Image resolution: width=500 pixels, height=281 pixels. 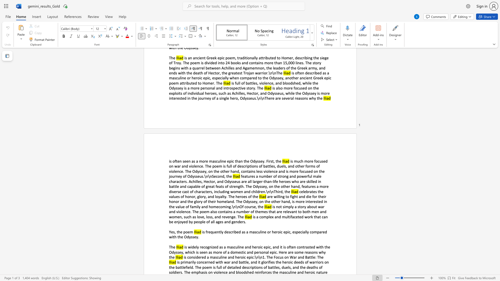 What do you see at coordinates (308, 191) in the screenshot?
I see `the subset text "rates the values of honor, glory, and loy" within the text "celebrates the values of honor, glory, and loyalty. The heroes of the"` at bounding box center [308, 191].